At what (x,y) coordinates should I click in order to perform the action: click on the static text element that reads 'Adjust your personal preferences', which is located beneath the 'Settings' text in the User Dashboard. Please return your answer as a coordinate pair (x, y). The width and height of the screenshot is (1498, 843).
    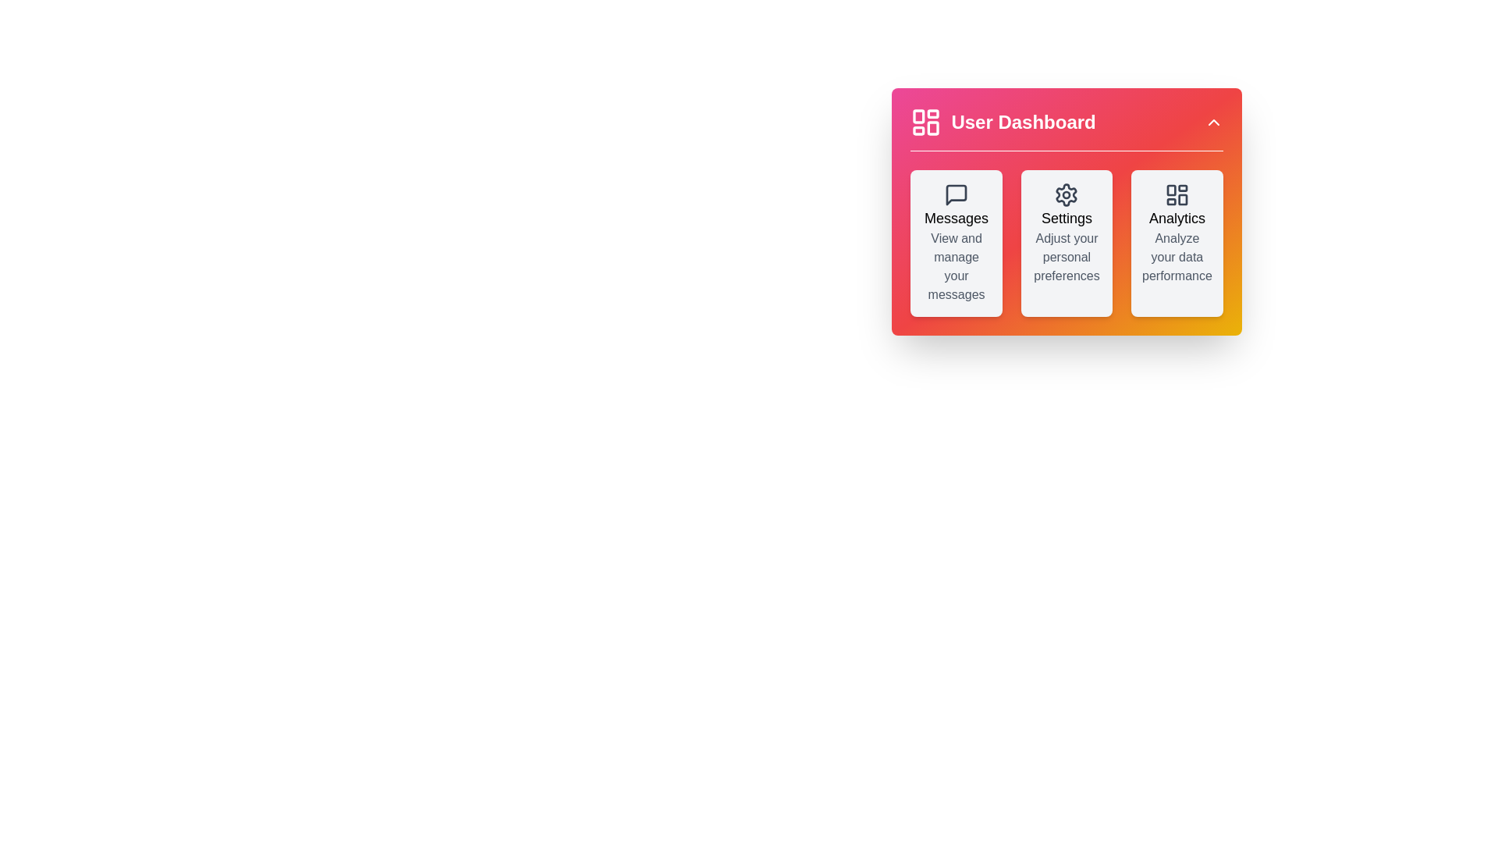
    Looking at the image, I should click on (1066, 257).